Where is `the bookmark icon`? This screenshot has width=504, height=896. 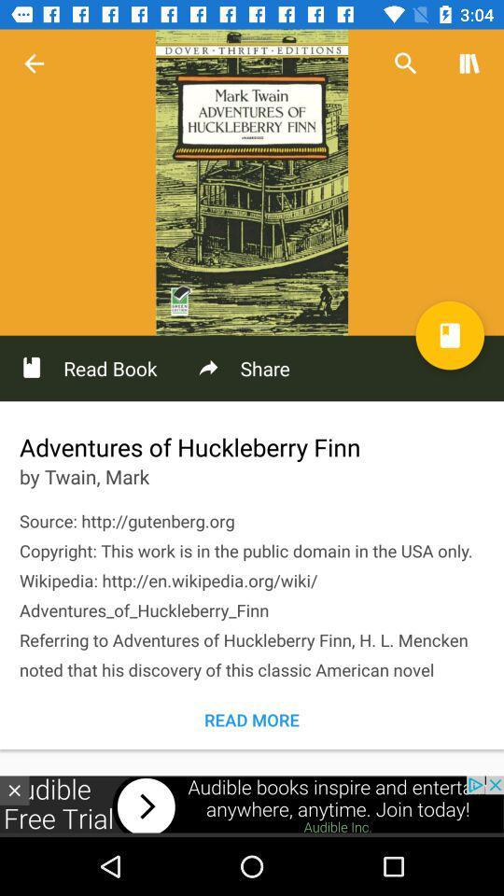 the bookmark icon is located at coordinates (449, 335).